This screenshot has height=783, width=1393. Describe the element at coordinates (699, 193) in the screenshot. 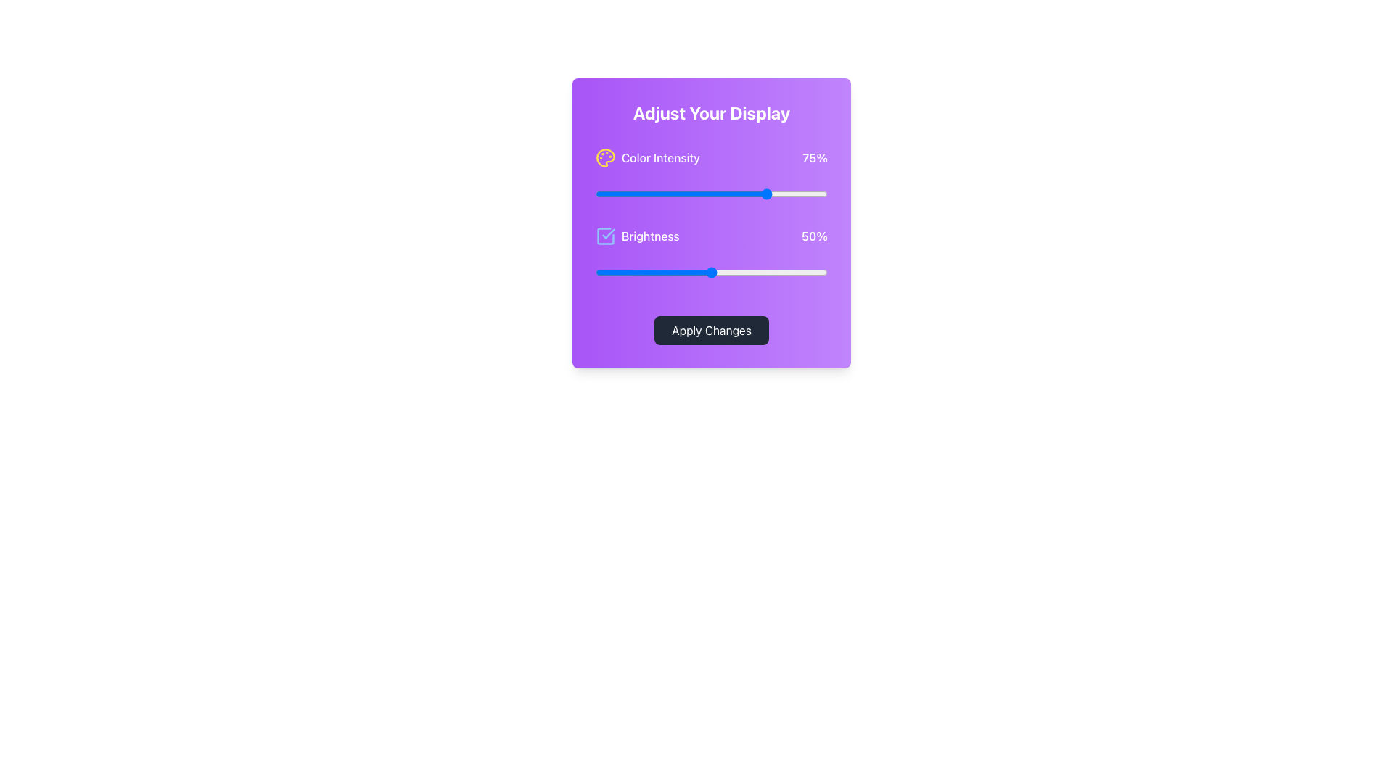

I see `the slider` at that location.